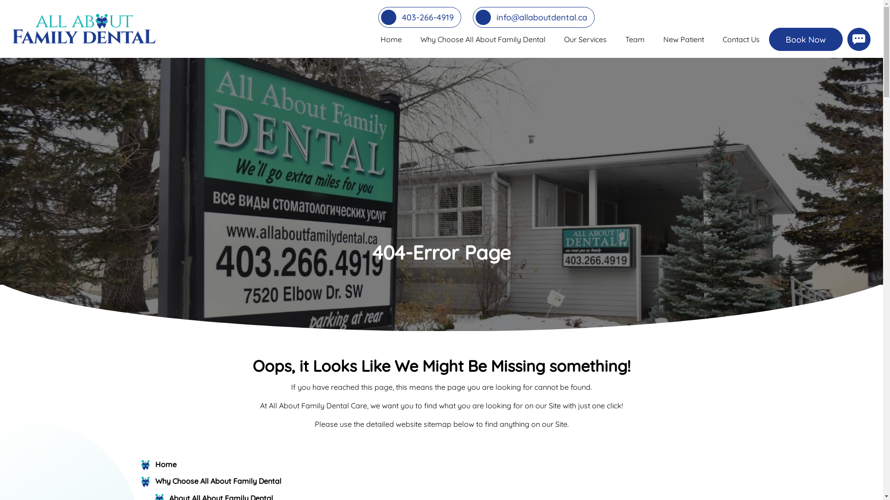 The height and width of the screenshot is (500, 890). I want to click on 'Home', so click(391, 38).